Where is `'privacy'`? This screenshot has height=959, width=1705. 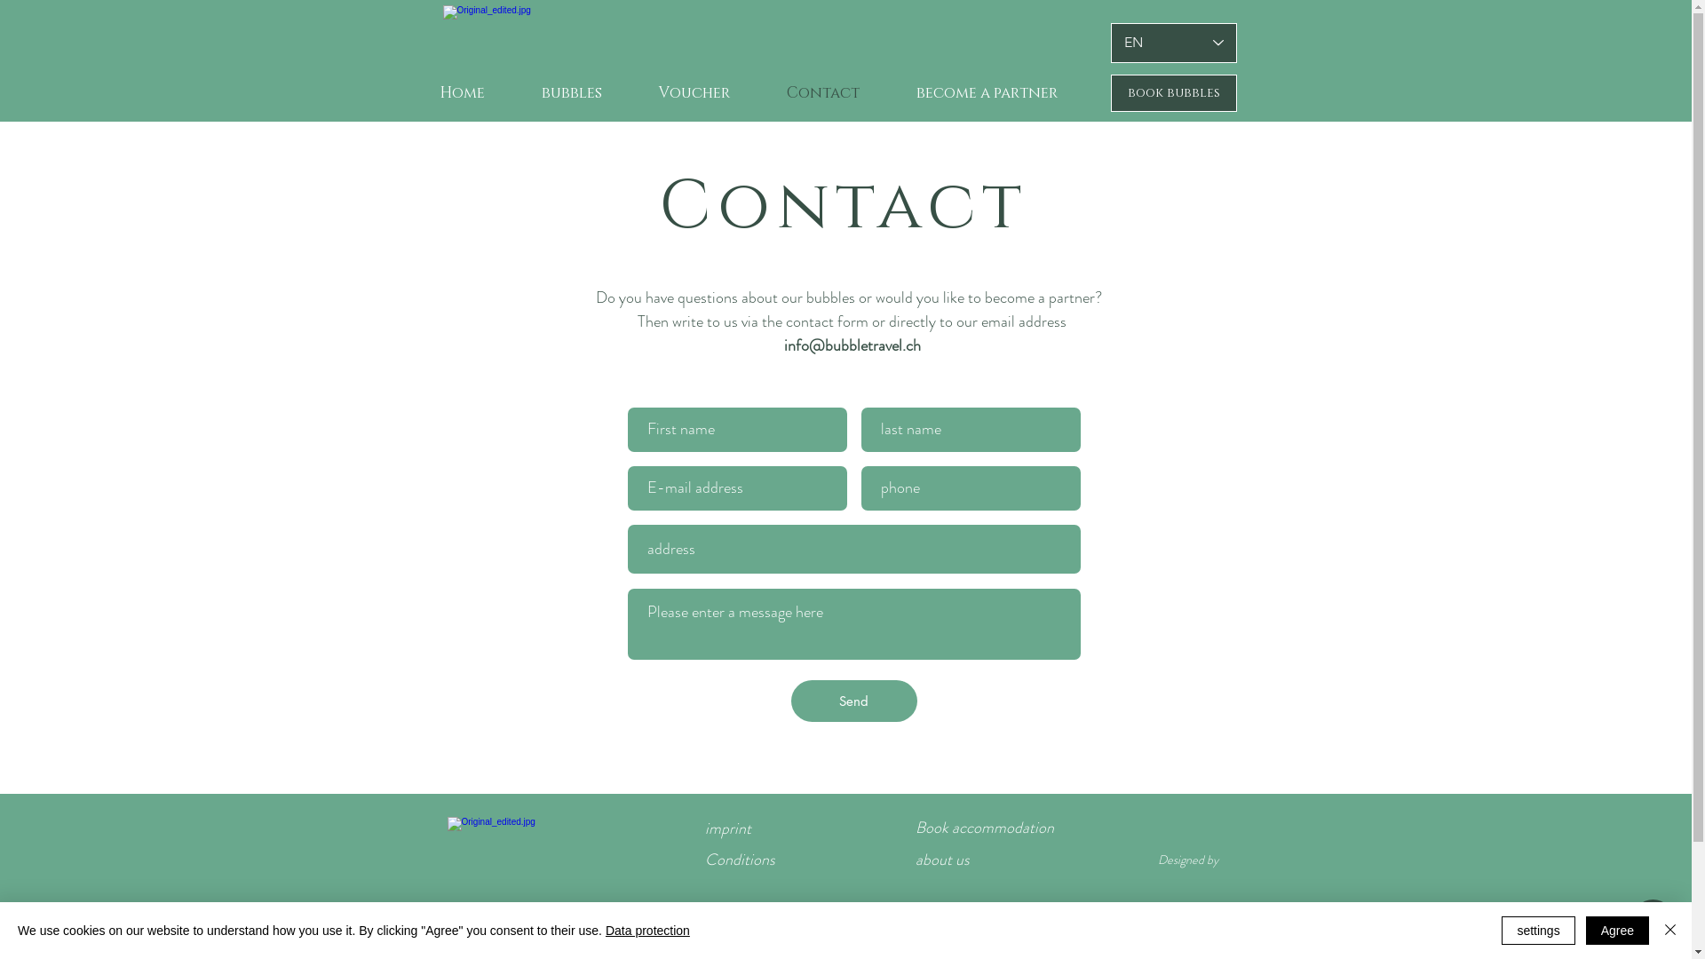 'privacy' is located at coordinates (727, 927).